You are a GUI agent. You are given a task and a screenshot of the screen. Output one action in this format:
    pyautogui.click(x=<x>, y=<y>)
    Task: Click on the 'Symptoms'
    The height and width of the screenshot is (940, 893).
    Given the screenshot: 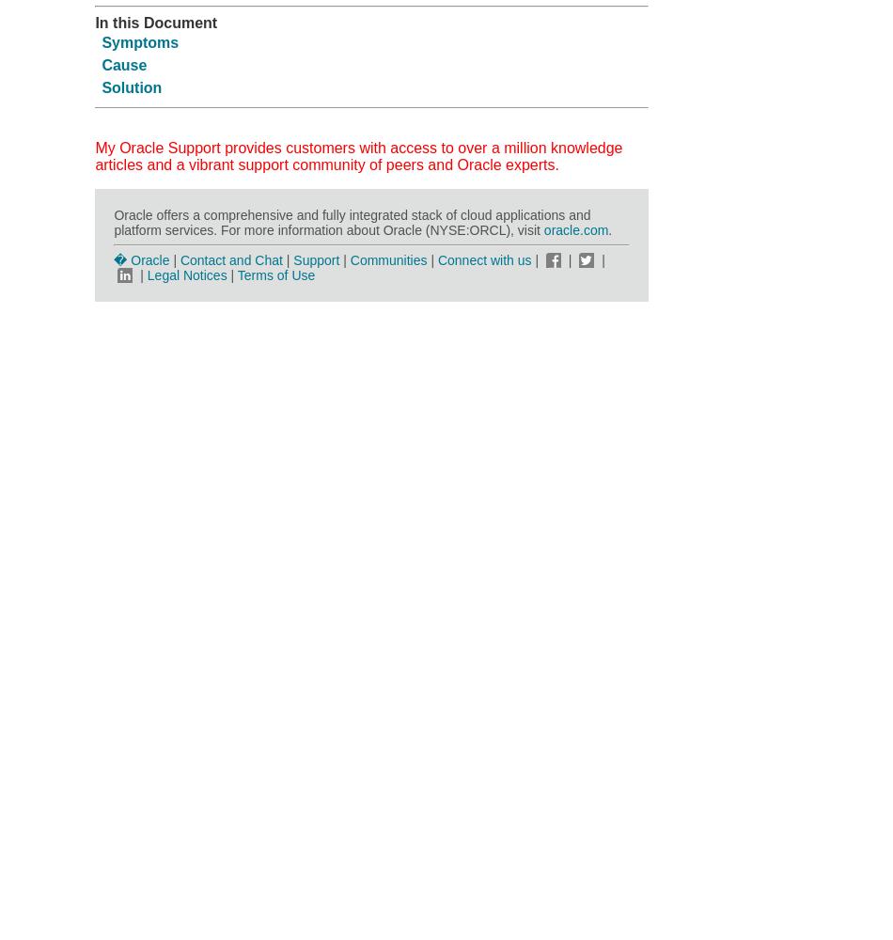 What is the action you would take?
    pyautogui.click(x=139, y=41)
    